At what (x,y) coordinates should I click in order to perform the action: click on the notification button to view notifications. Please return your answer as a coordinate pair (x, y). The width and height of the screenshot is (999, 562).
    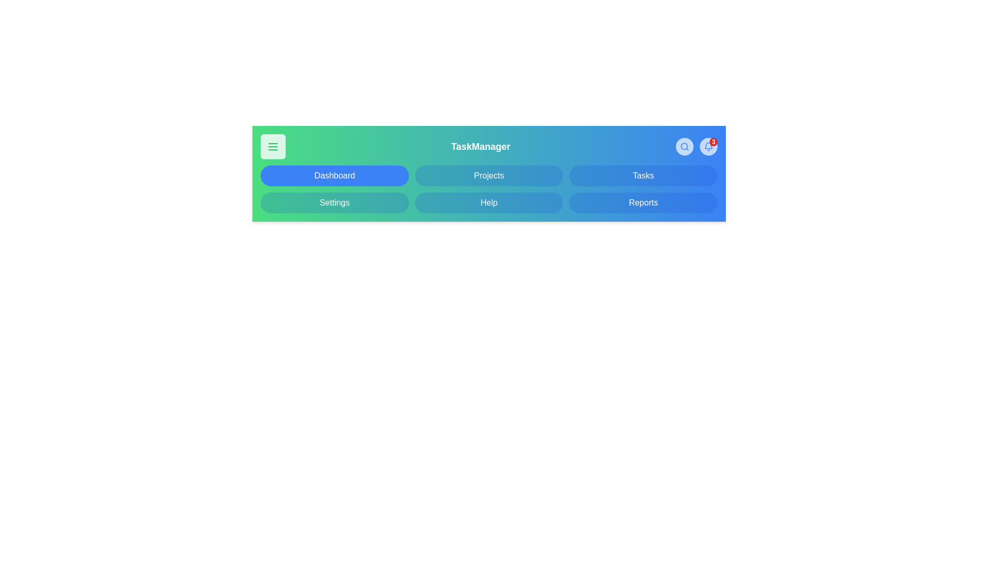
    Looking at the image, I should click on (708, 146).